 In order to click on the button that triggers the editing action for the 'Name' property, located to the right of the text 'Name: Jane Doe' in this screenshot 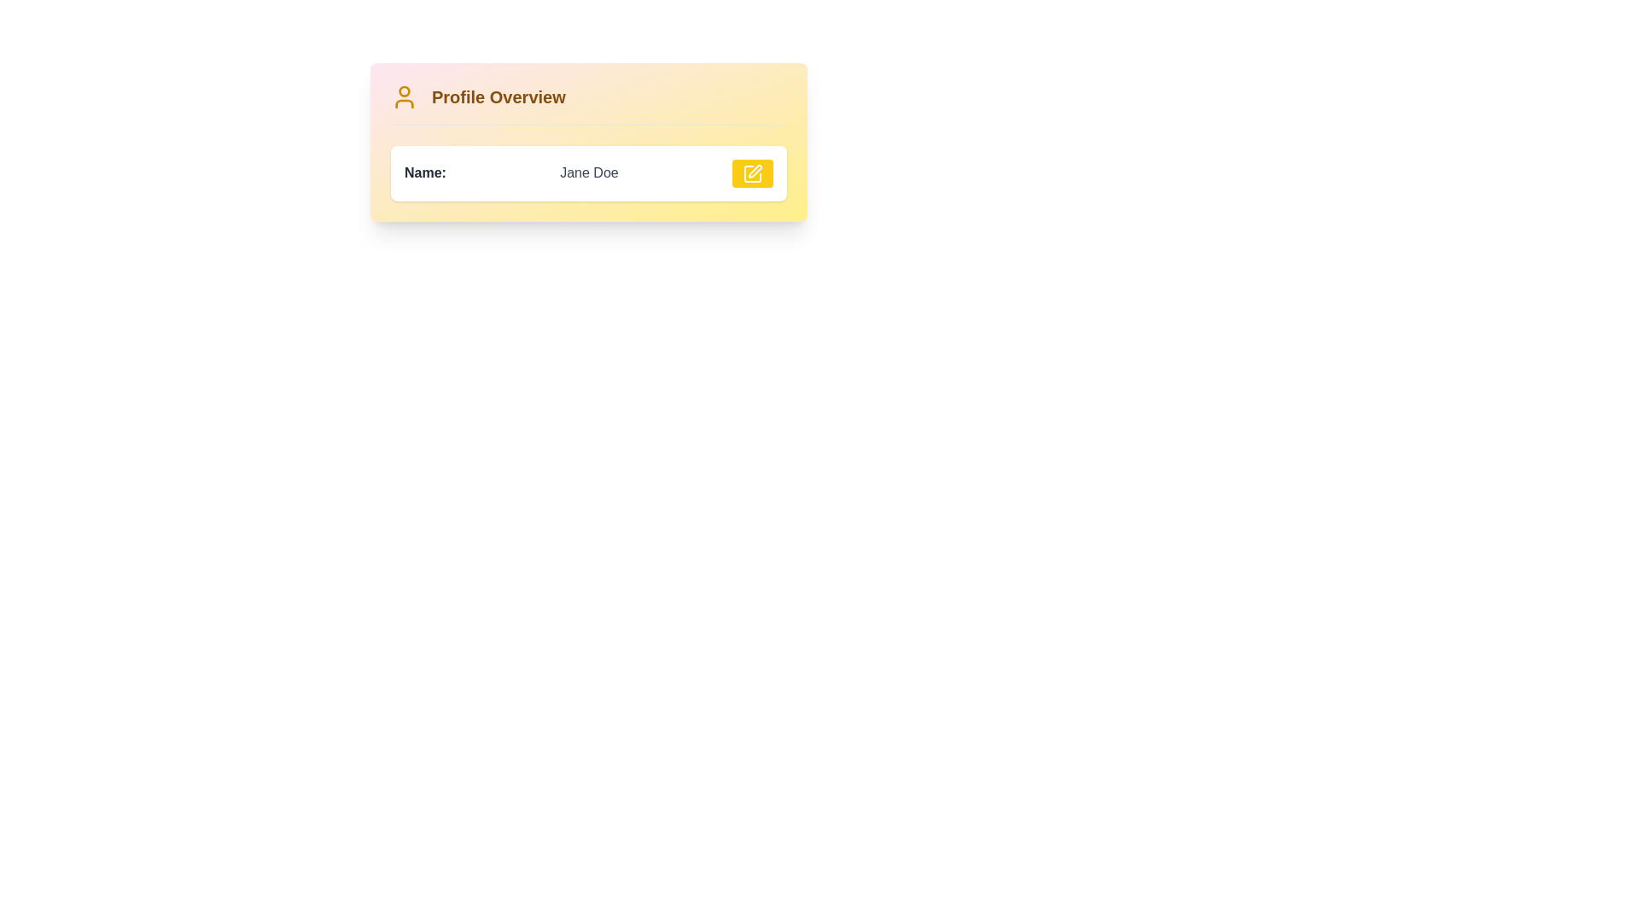, I will do `click(752, 173)`.